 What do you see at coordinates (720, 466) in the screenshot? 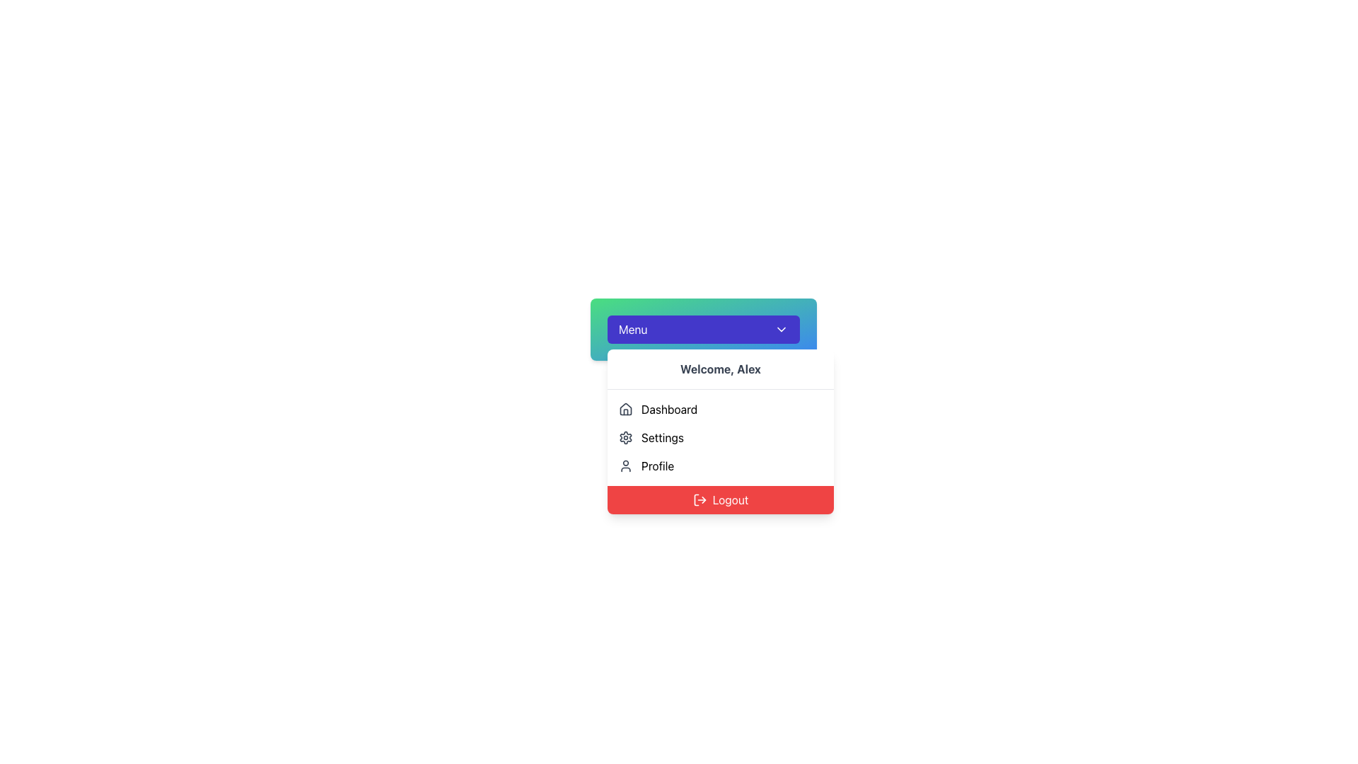
I see `the 'Profile' menu option, which is the third item in the vertical menu list, to trigger a visual effect` at bounding box center [720, 466].